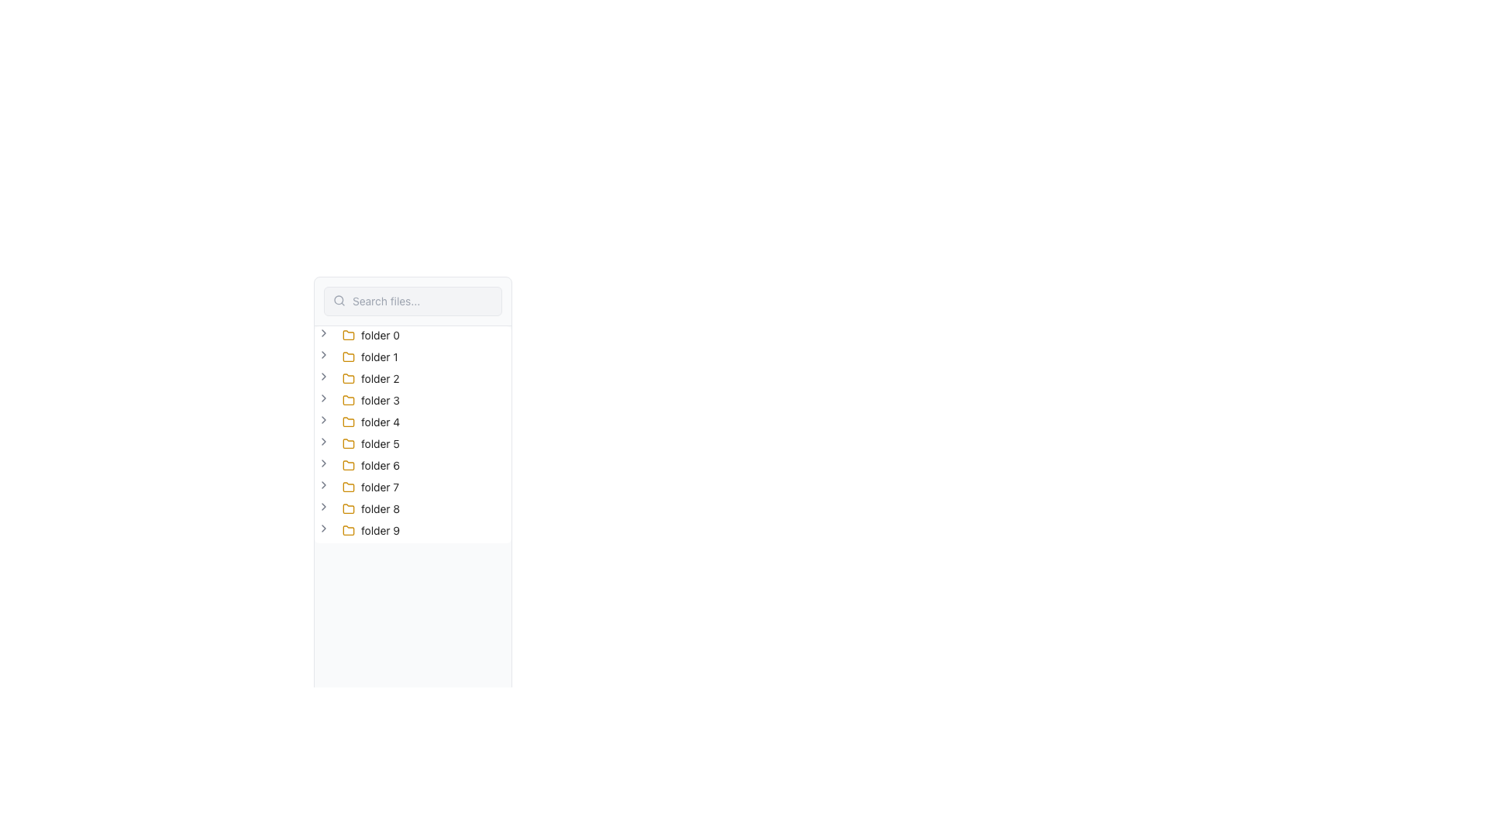 The height and width of the screenshot is (837, 1488). I want to click on the folder icon representing 'folder 2', so click(348, 378).